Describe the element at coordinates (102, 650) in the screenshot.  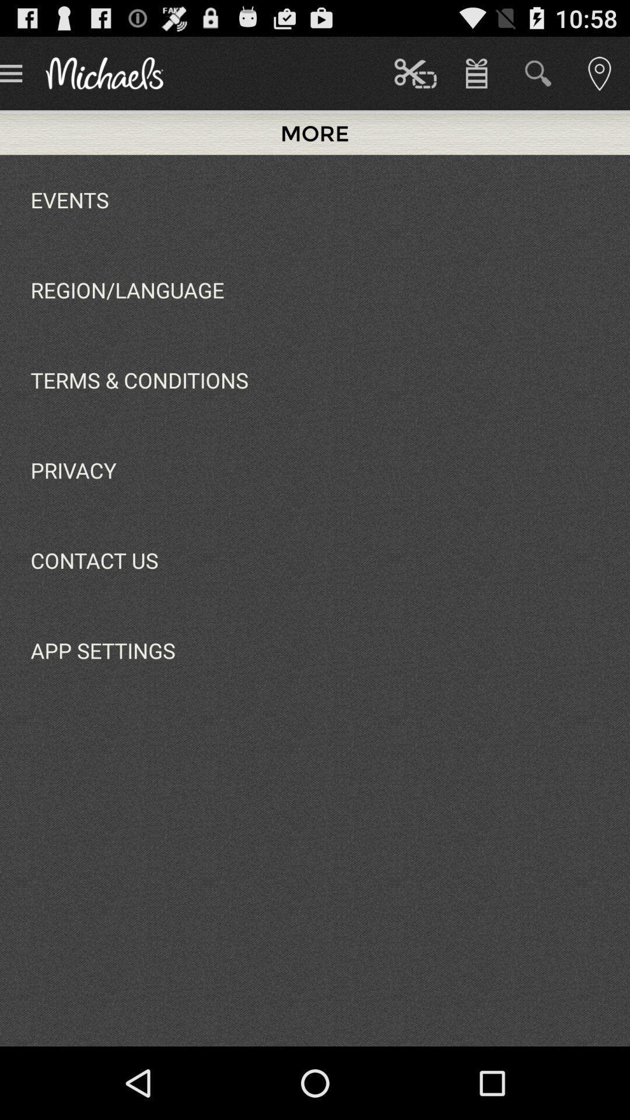
I see `app settings app` at that location.